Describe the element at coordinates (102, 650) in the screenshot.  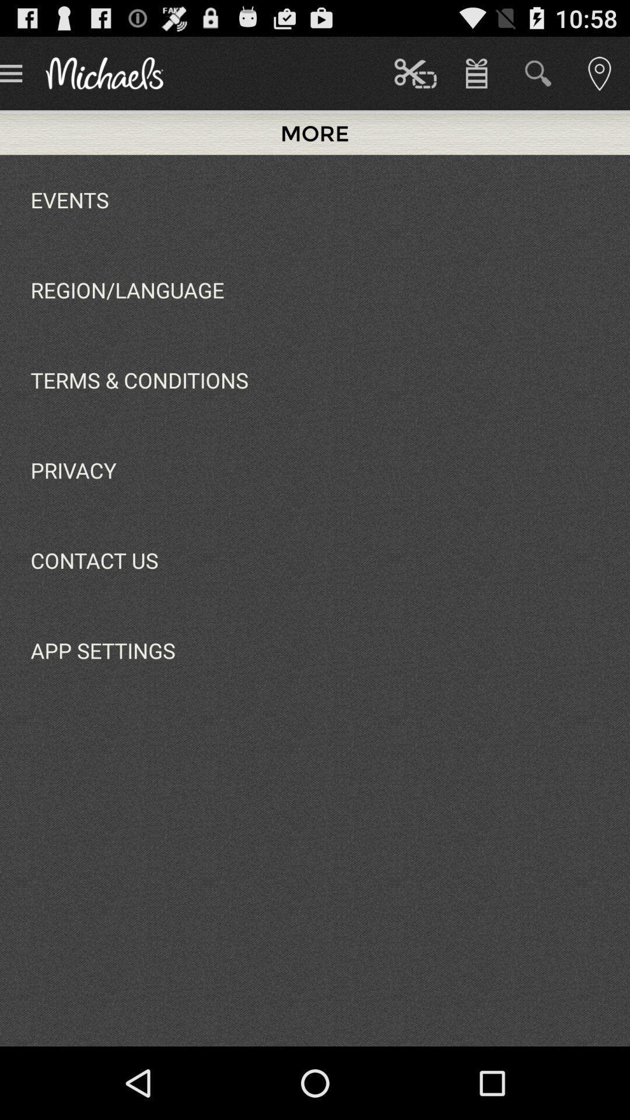
I see `app settings app` at that location.